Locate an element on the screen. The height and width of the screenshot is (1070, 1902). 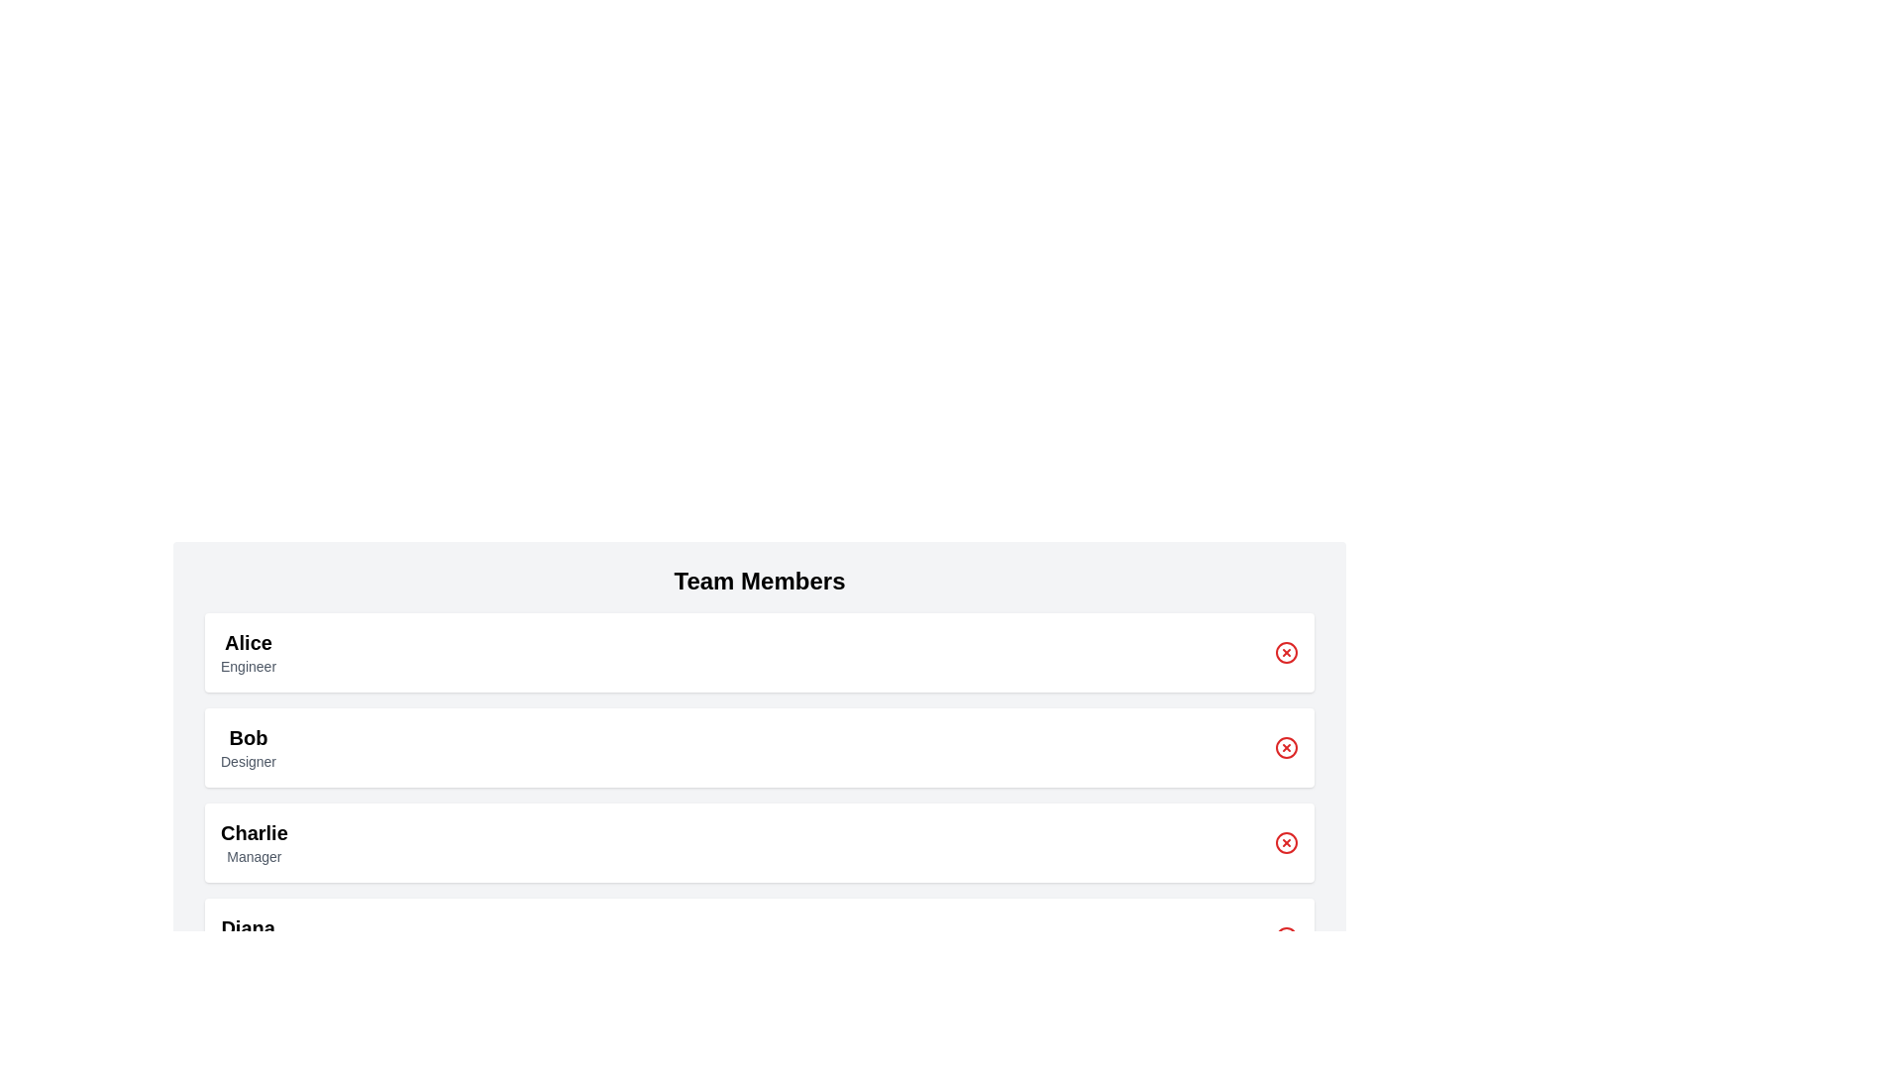
the button located in the top-right corner of the card associated with 'Alice', the Engineer is located at coordinates (1287, 653).